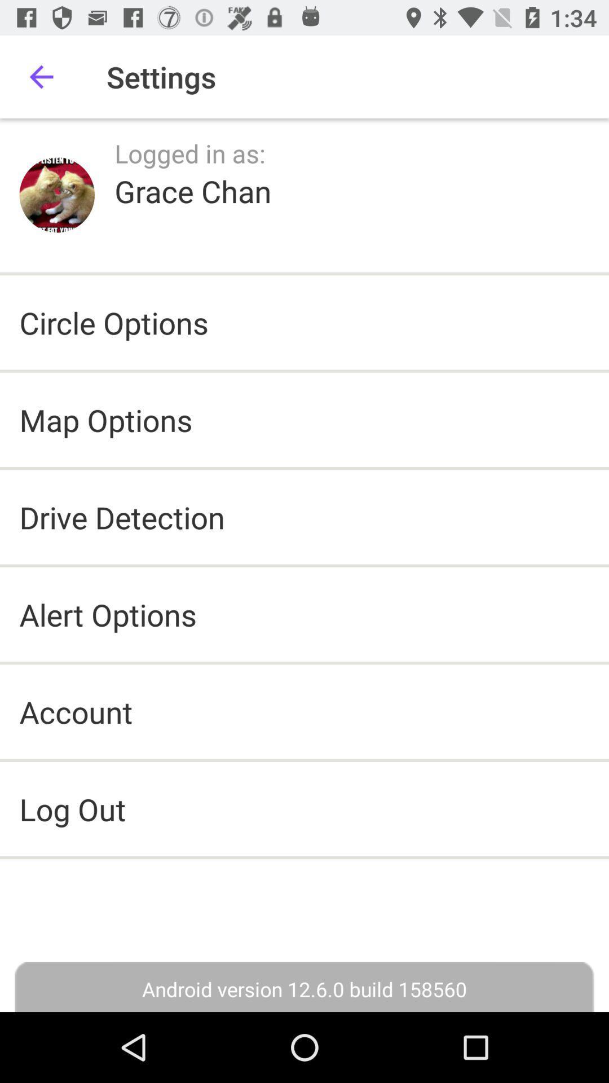 This screenshot has height=1083, width=609. I want to click on icon below the drive detection item, so click(108, 614).